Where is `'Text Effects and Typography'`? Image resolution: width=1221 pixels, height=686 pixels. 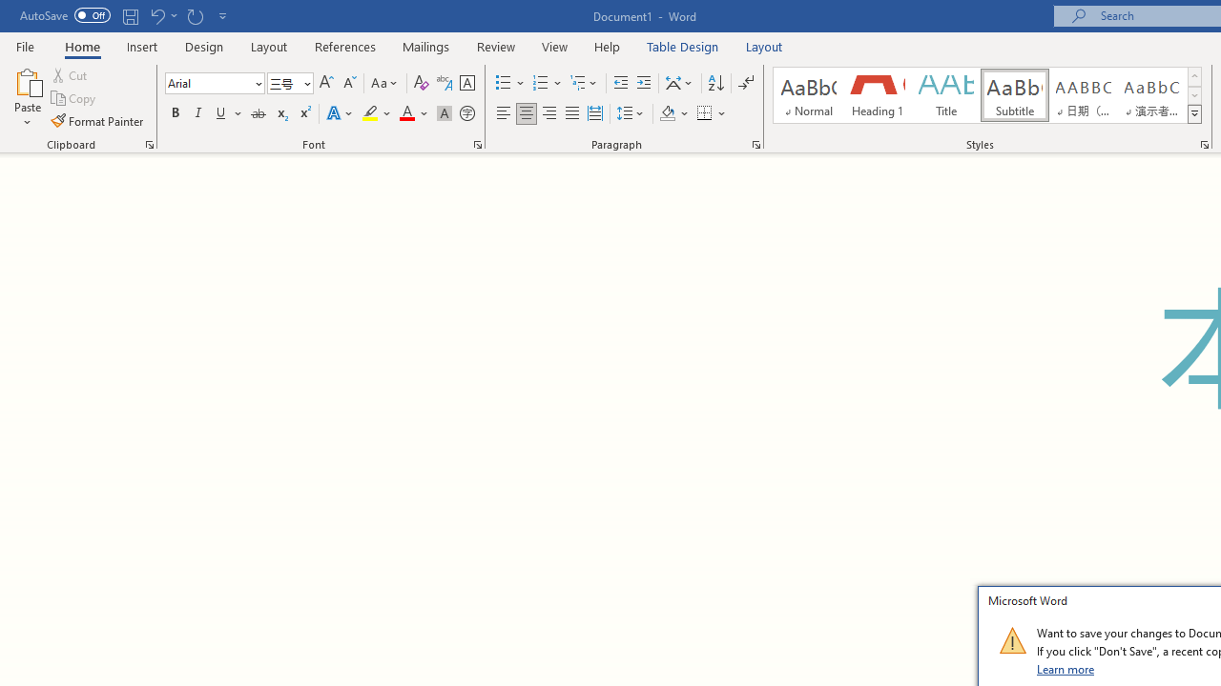 'Text Effects and Typography' is located at coordinates (341, 113).